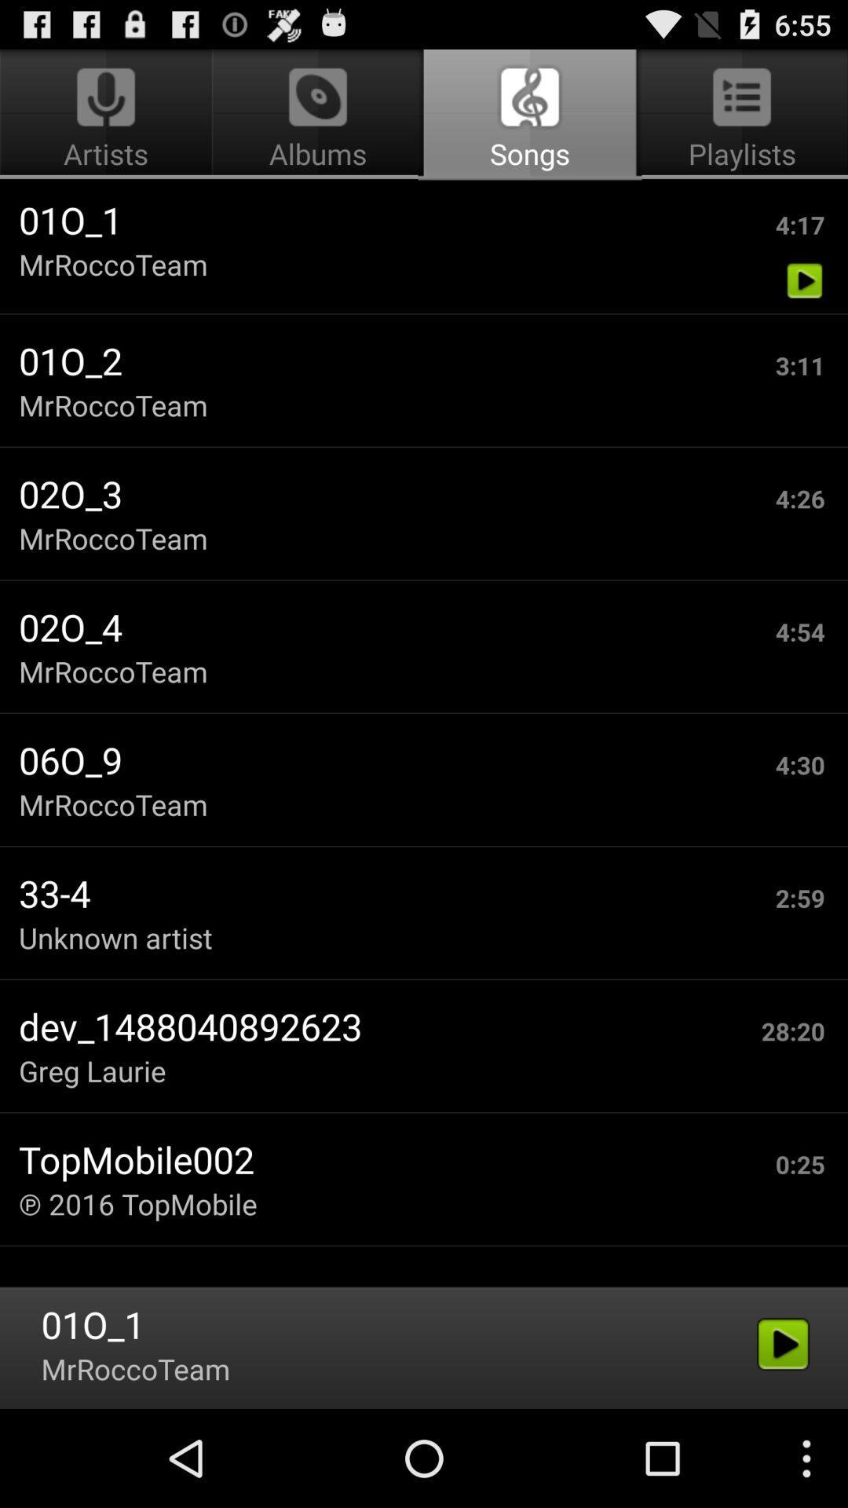  Describe the element at coordinates (108, 115) in the screenshot. I see `the app at the top left corner` at that location.